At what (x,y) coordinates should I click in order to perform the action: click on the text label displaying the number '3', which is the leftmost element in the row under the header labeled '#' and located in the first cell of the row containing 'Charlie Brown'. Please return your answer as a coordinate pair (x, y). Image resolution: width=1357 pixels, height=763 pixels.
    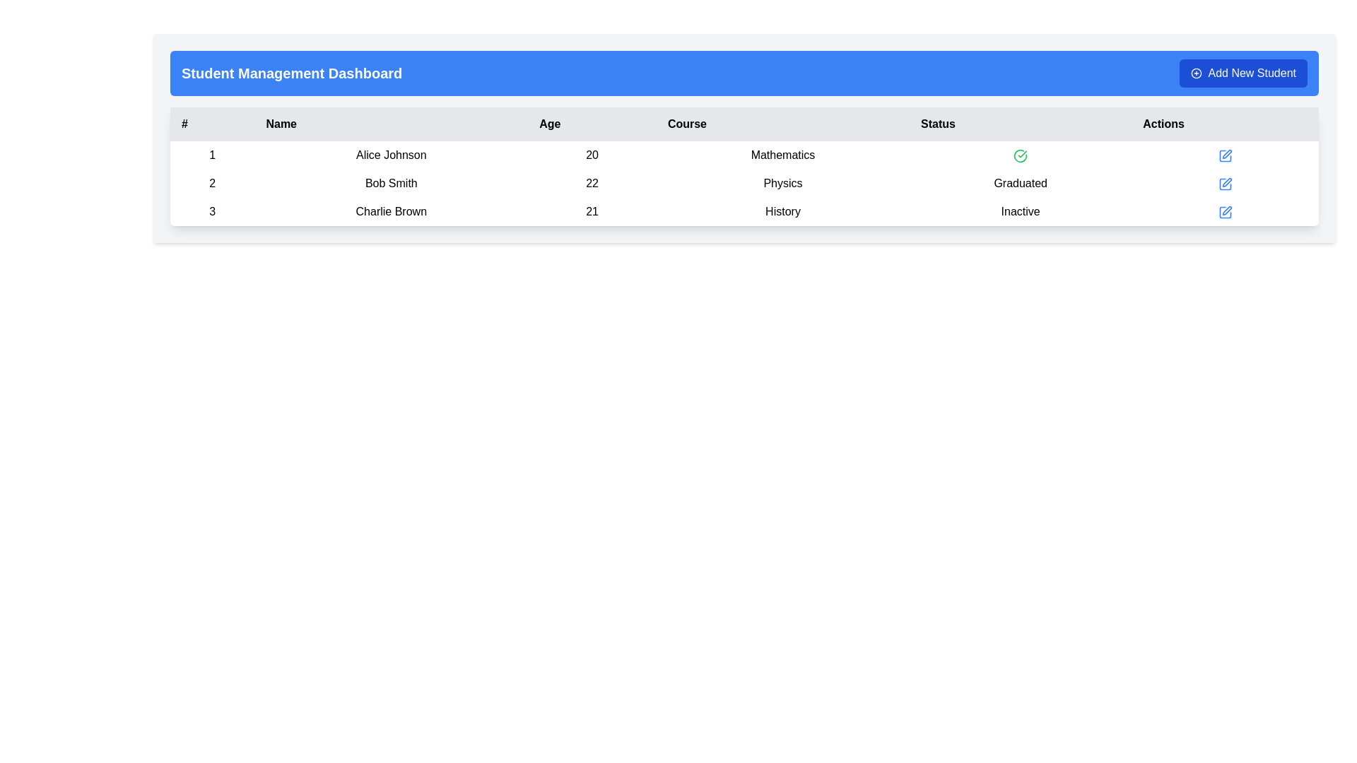
    Looking at the image, I should click on (211, 212).